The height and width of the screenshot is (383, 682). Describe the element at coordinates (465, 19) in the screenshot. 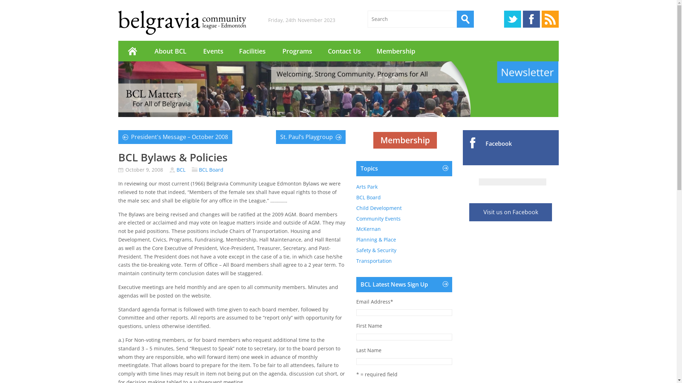

I see `'Search'` at that location.